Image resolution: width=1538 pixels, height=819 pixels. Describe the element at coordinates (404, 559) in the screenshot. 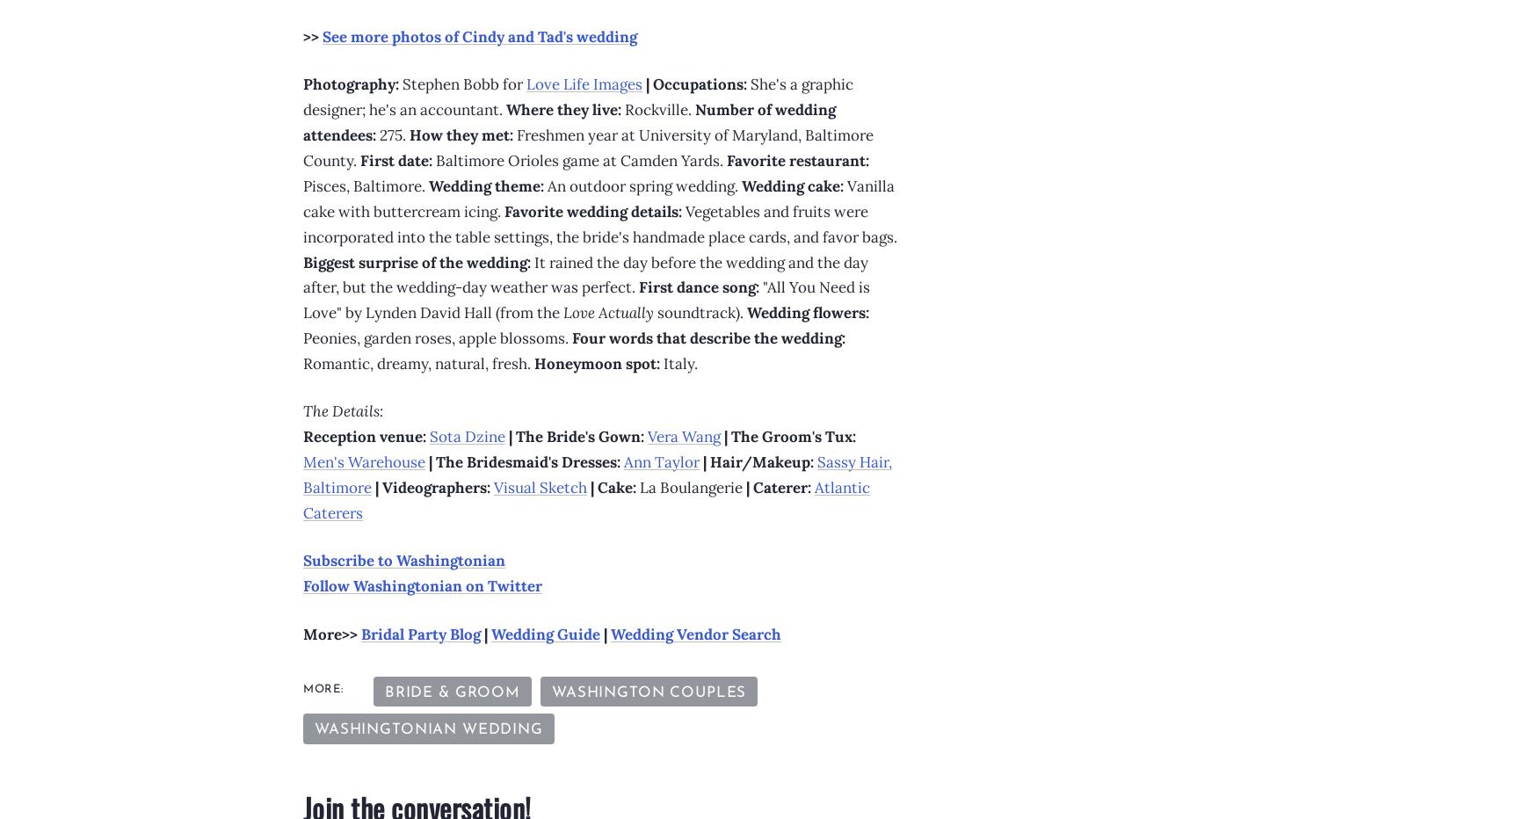

I see `'Subscribe to Washingtonian'` at that location.